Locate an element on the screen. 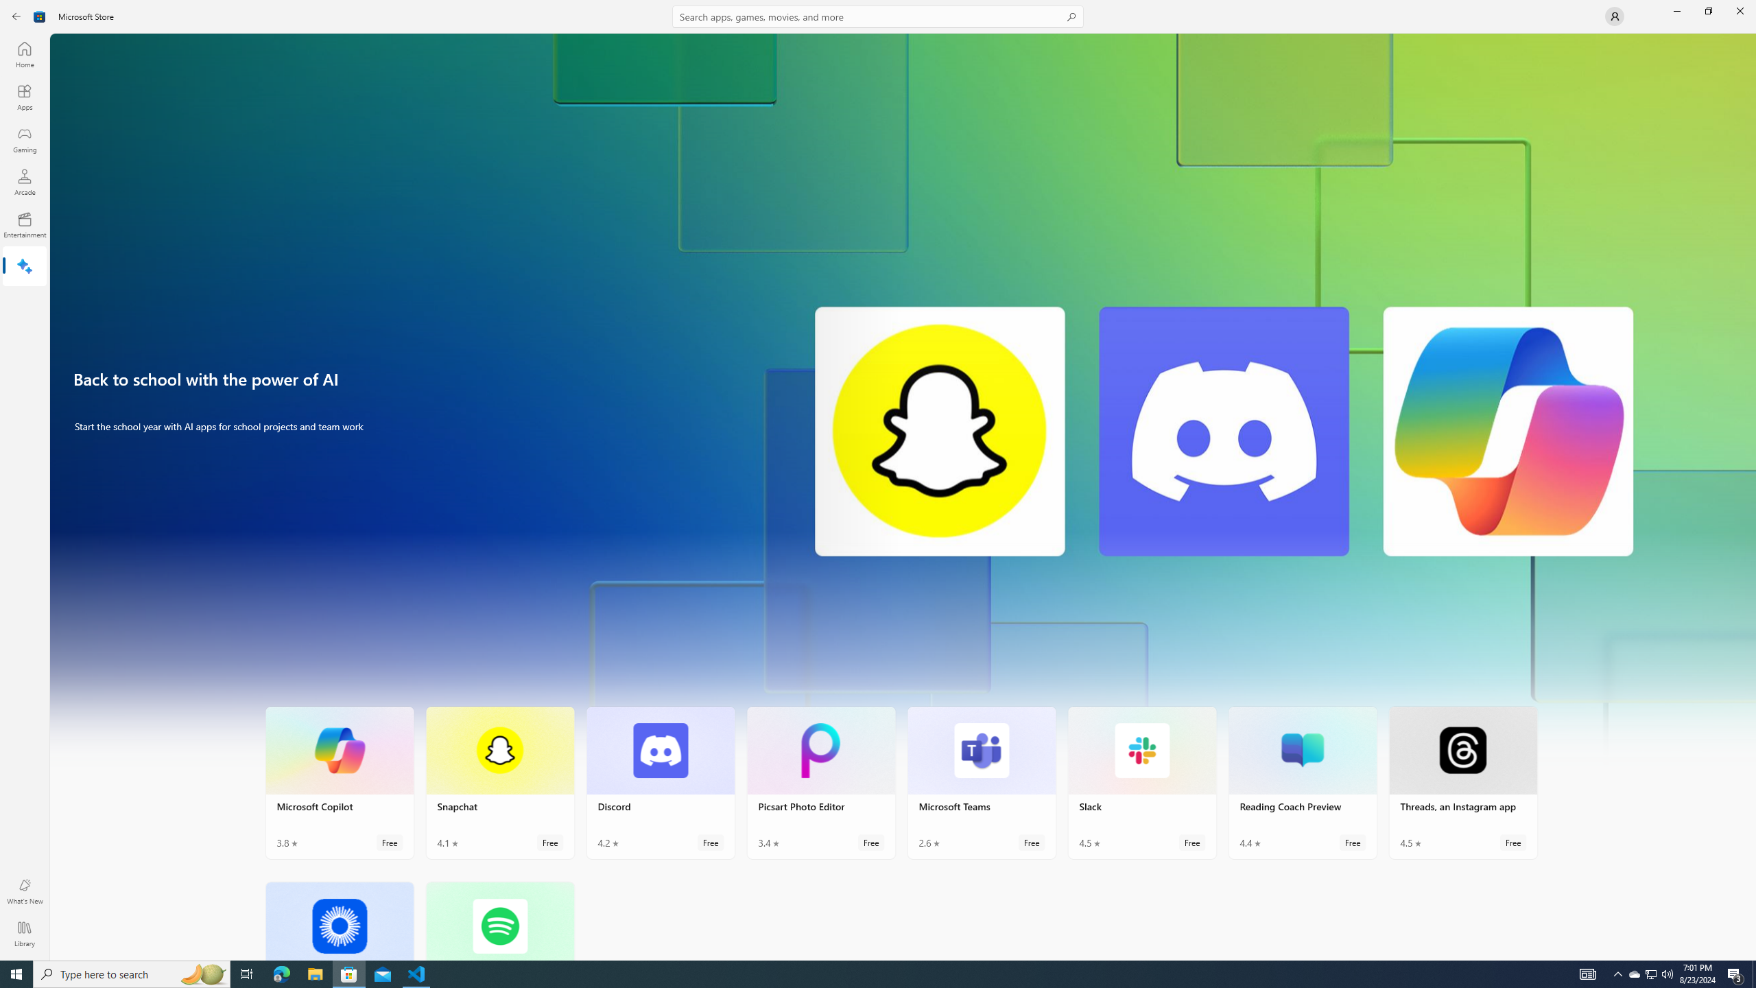 The image size is (1756, 988). 'Discord. Average rating of 4.2 out of five stars. Free  ' is located at coordinates (660, 783).